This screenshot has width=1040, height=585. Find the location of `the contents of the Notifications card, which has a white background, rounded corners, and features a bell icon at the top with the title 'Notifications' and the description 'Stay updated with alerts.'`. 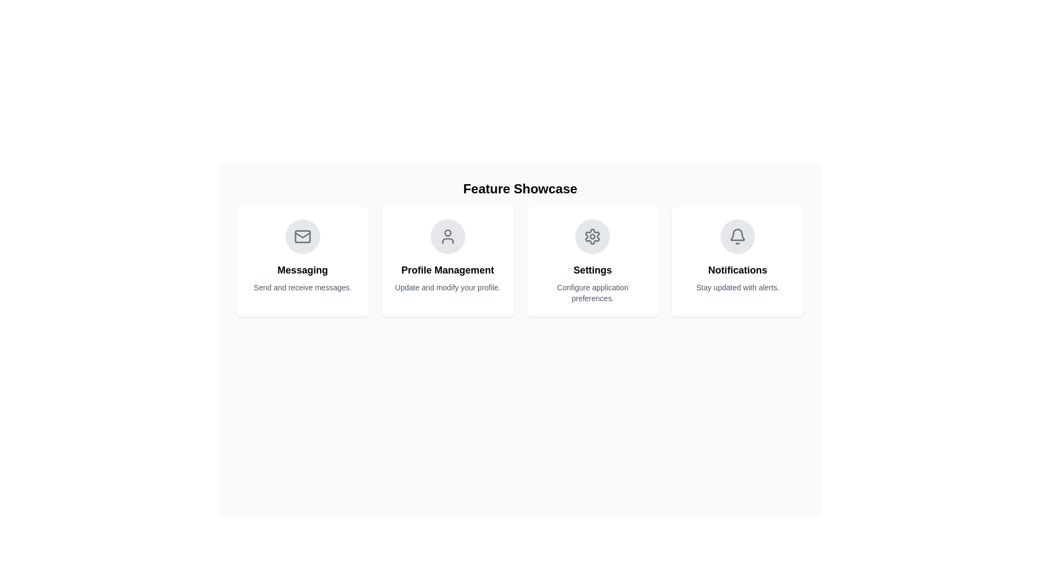

the contents of the Notifications card, which has a white background, rounded corners, and features a bell icon at the top with the title 'Notifications' and the description 'Stay updated with alerts.' is located at coordinates (737, 261).